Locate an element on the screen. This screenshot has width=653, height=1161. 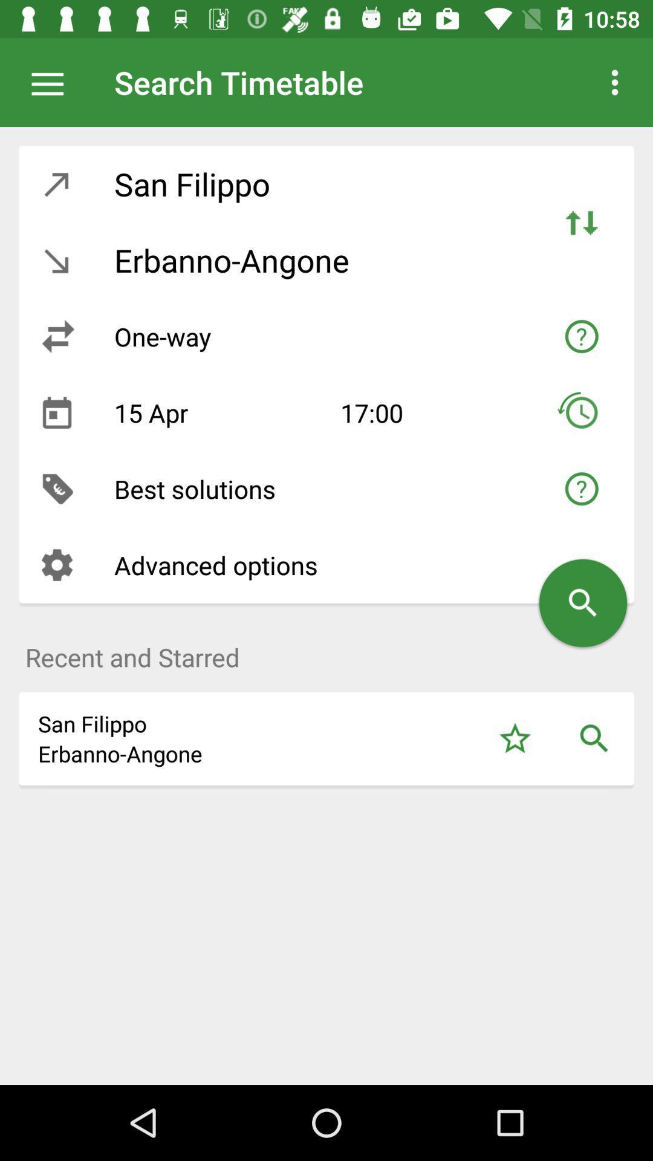
the 15 apr icon is located at coordinates (218, 412).